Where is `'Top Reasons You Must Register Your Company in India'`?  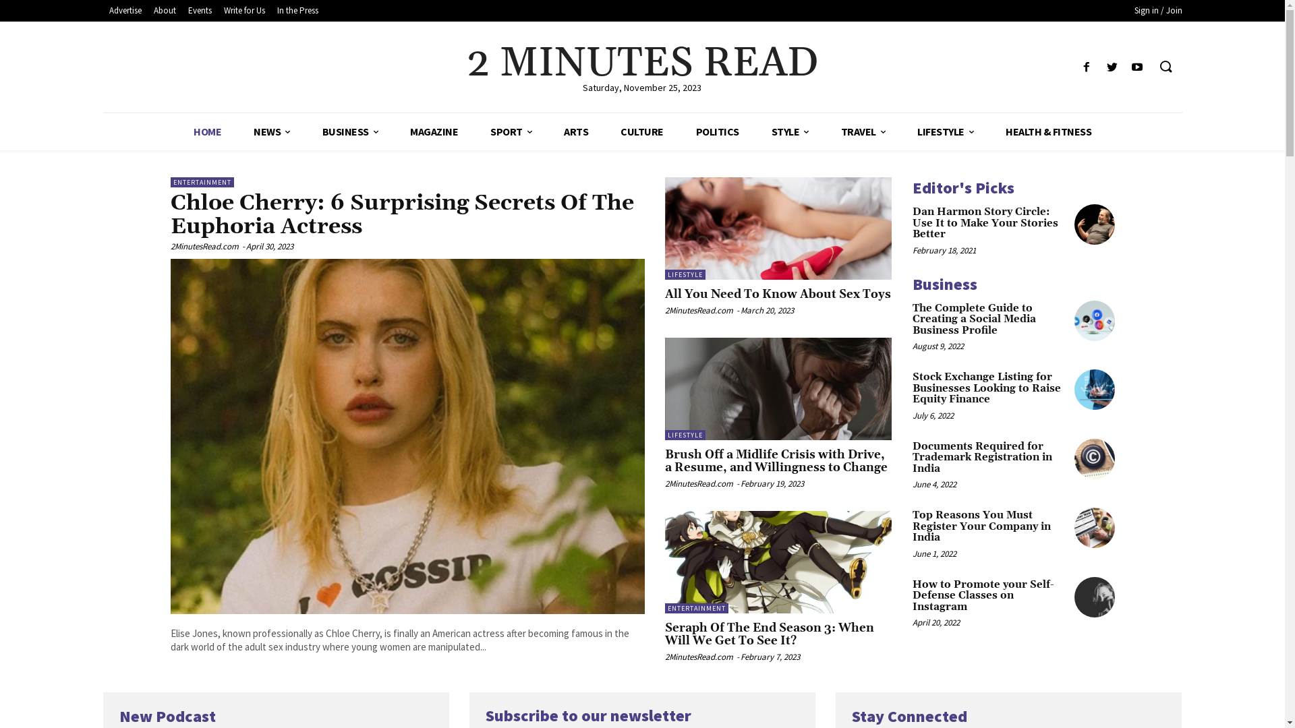
'Top Reasons You Must Register Your Company in India' is located at coordinates (1094, 527).